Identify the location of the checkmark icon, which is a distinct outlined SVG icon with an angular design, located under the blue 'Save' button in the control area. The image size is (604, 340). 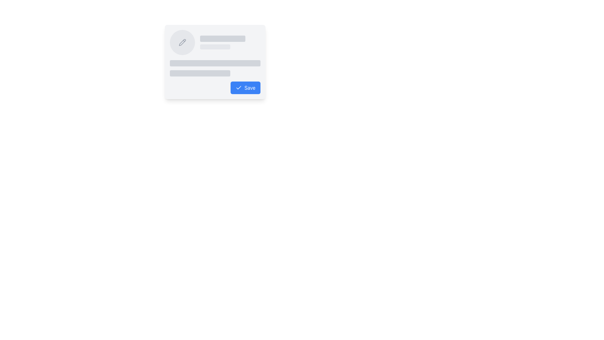
(238, 88).